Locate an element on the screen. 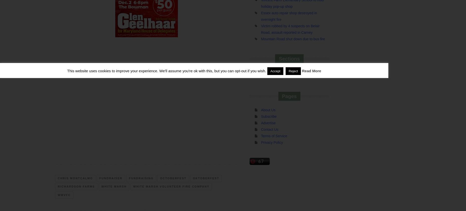 The width and height of the screenshot is (466, 211). 'Essex auto repair shop destroyed in overnight fire' is located at coordinates (289, 15).